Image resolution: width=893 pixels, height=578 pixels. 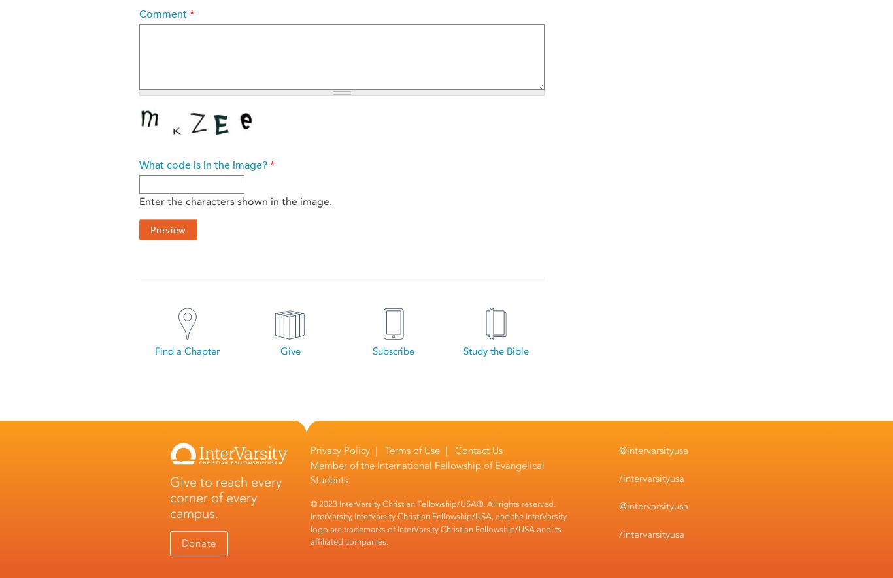 What do you see at coordinates (371, 350) in the screenshot?
I see `'Subscribe'` at bounding box center [371, 350].